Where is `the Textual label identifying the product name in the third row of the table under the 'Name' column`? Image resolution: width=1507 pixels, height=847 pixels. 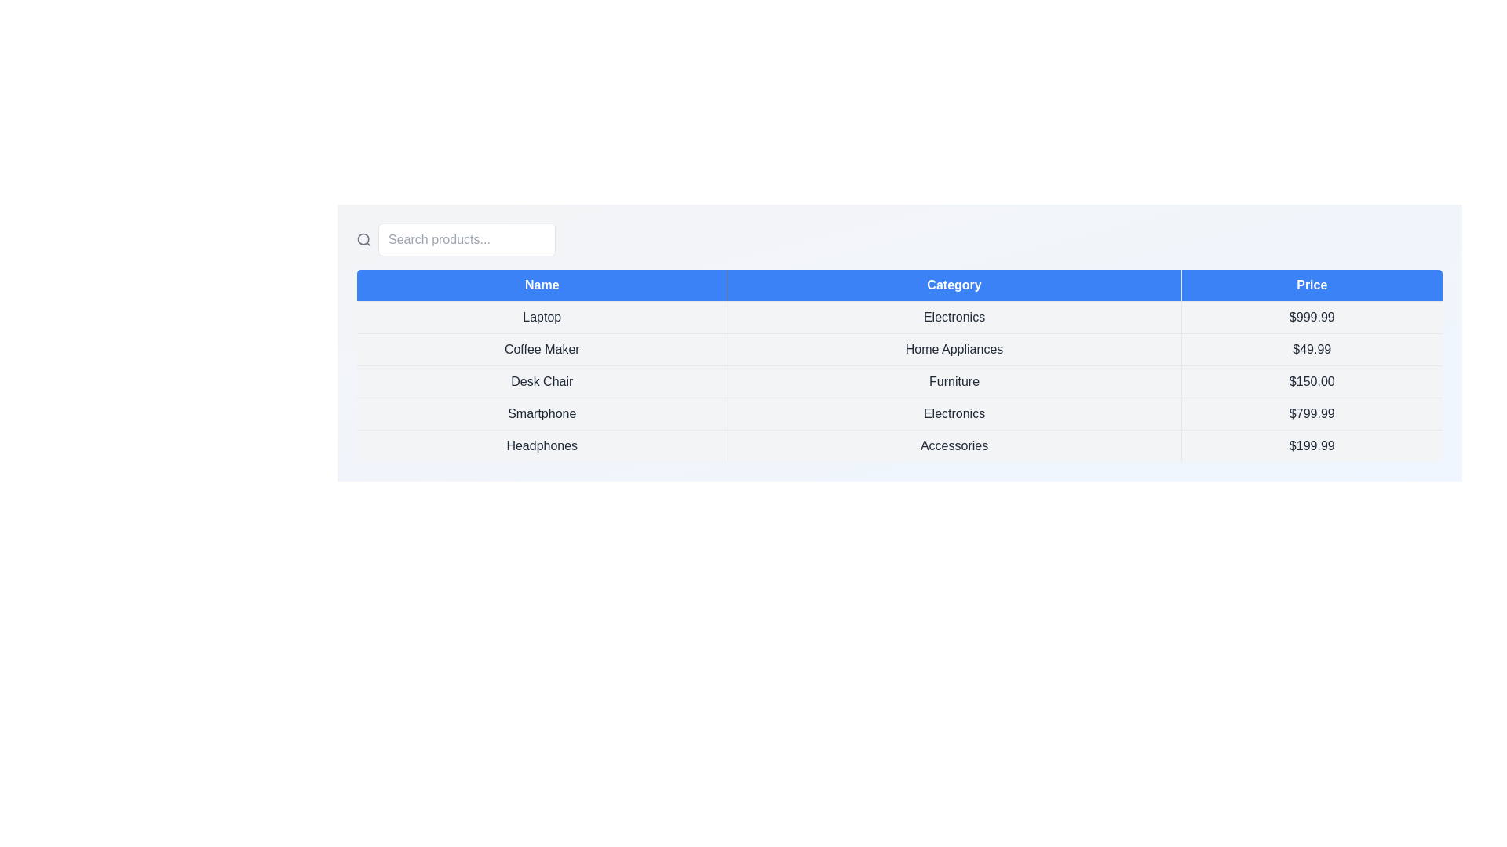
the Textual label identifying the product name in the third row of the table under the 'Name' column is located at coordinates (542, 413).